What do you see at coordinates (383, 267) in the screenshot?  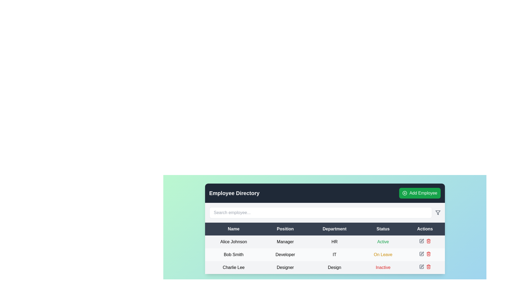 I see `the text label element displaying 'Inactive' in red font, located in the 'Status' column of the table row for employee 'Charlie Lee', who is a 'Designer' in the 'Design' department` at bounding box center [383, 267].